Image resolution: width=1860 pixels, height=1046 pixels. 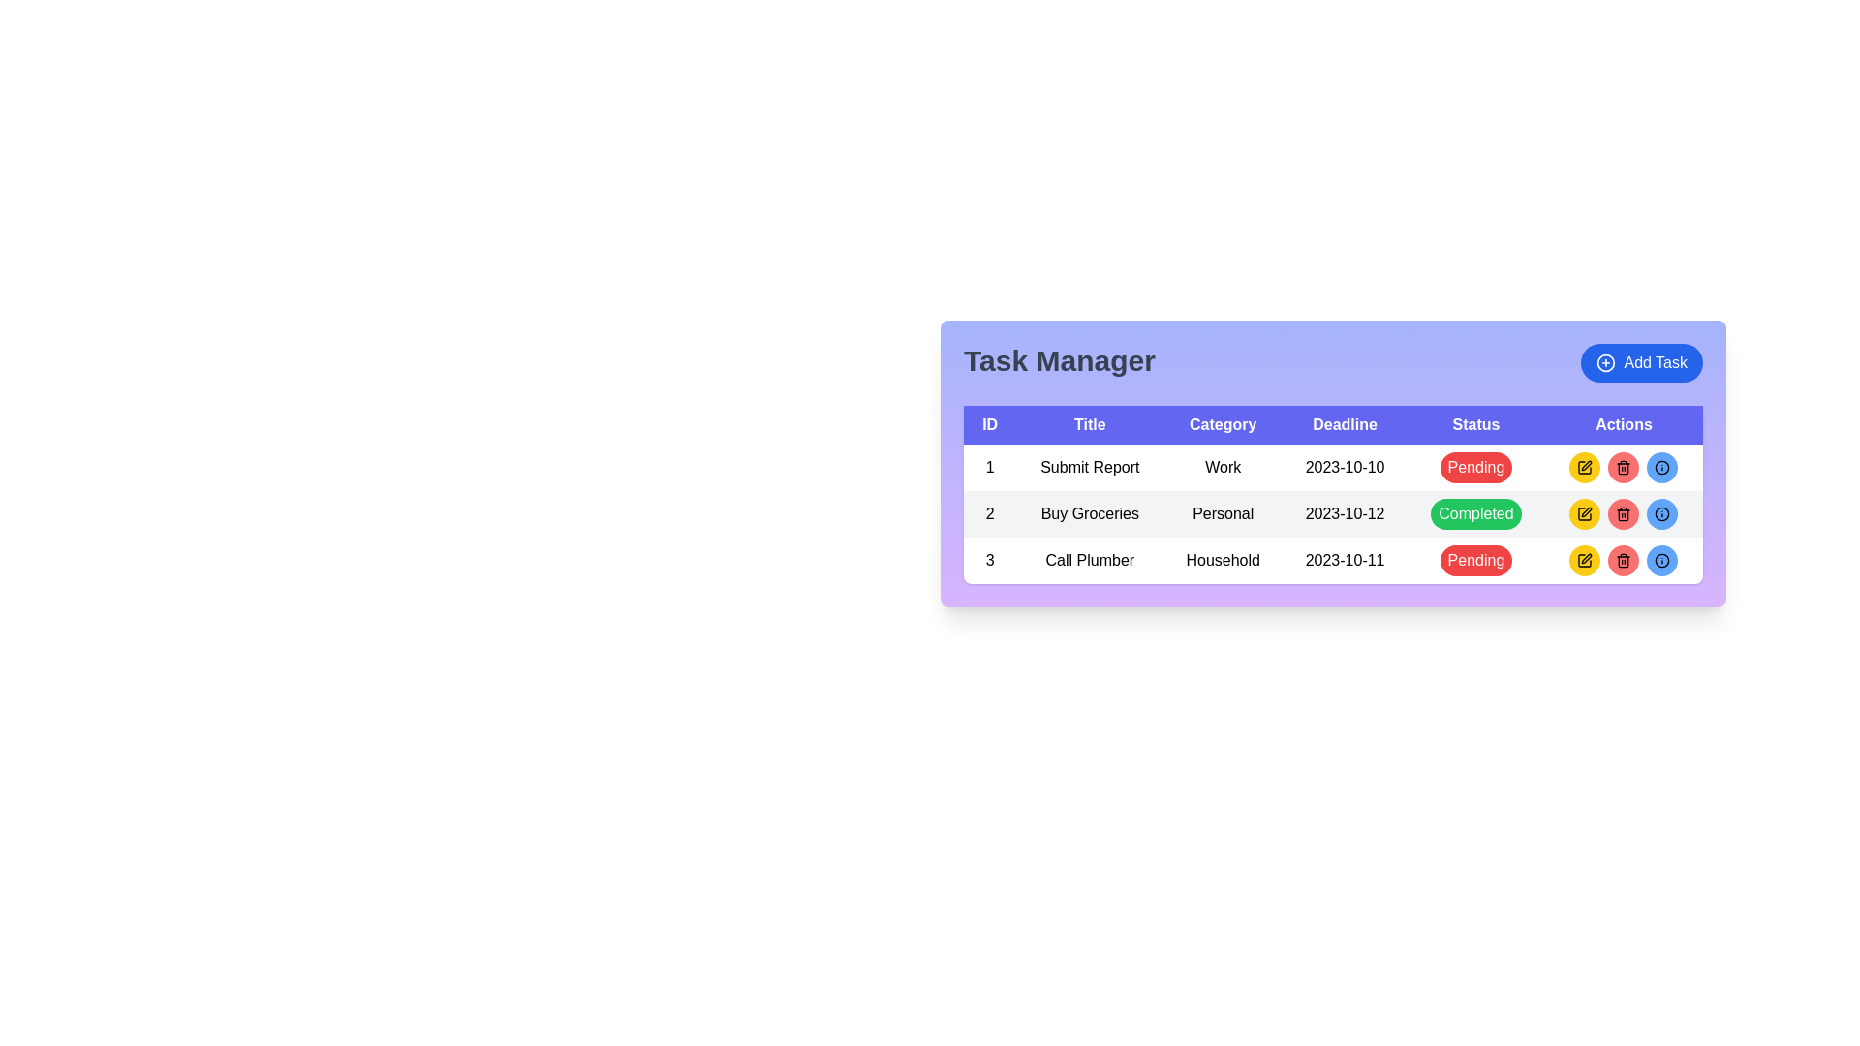 What do you see at coordinates (990, 560) in the screenshot?
I see `the numeral '3' label in the first column of the third row under the 'ID' header` at bounding box center [990, 560].